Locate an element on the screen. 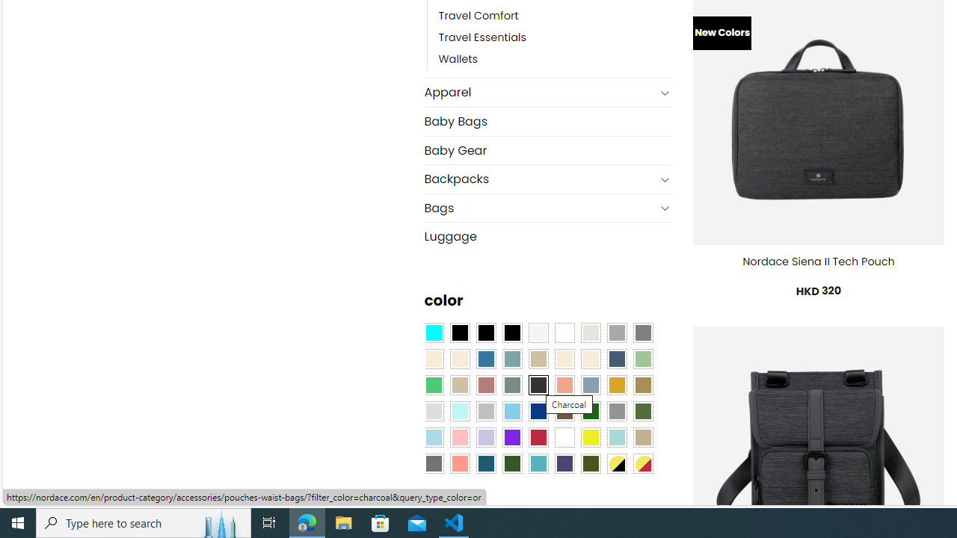 The image size is (957, 538). 'Blue' is located at coordinates (486, 359).